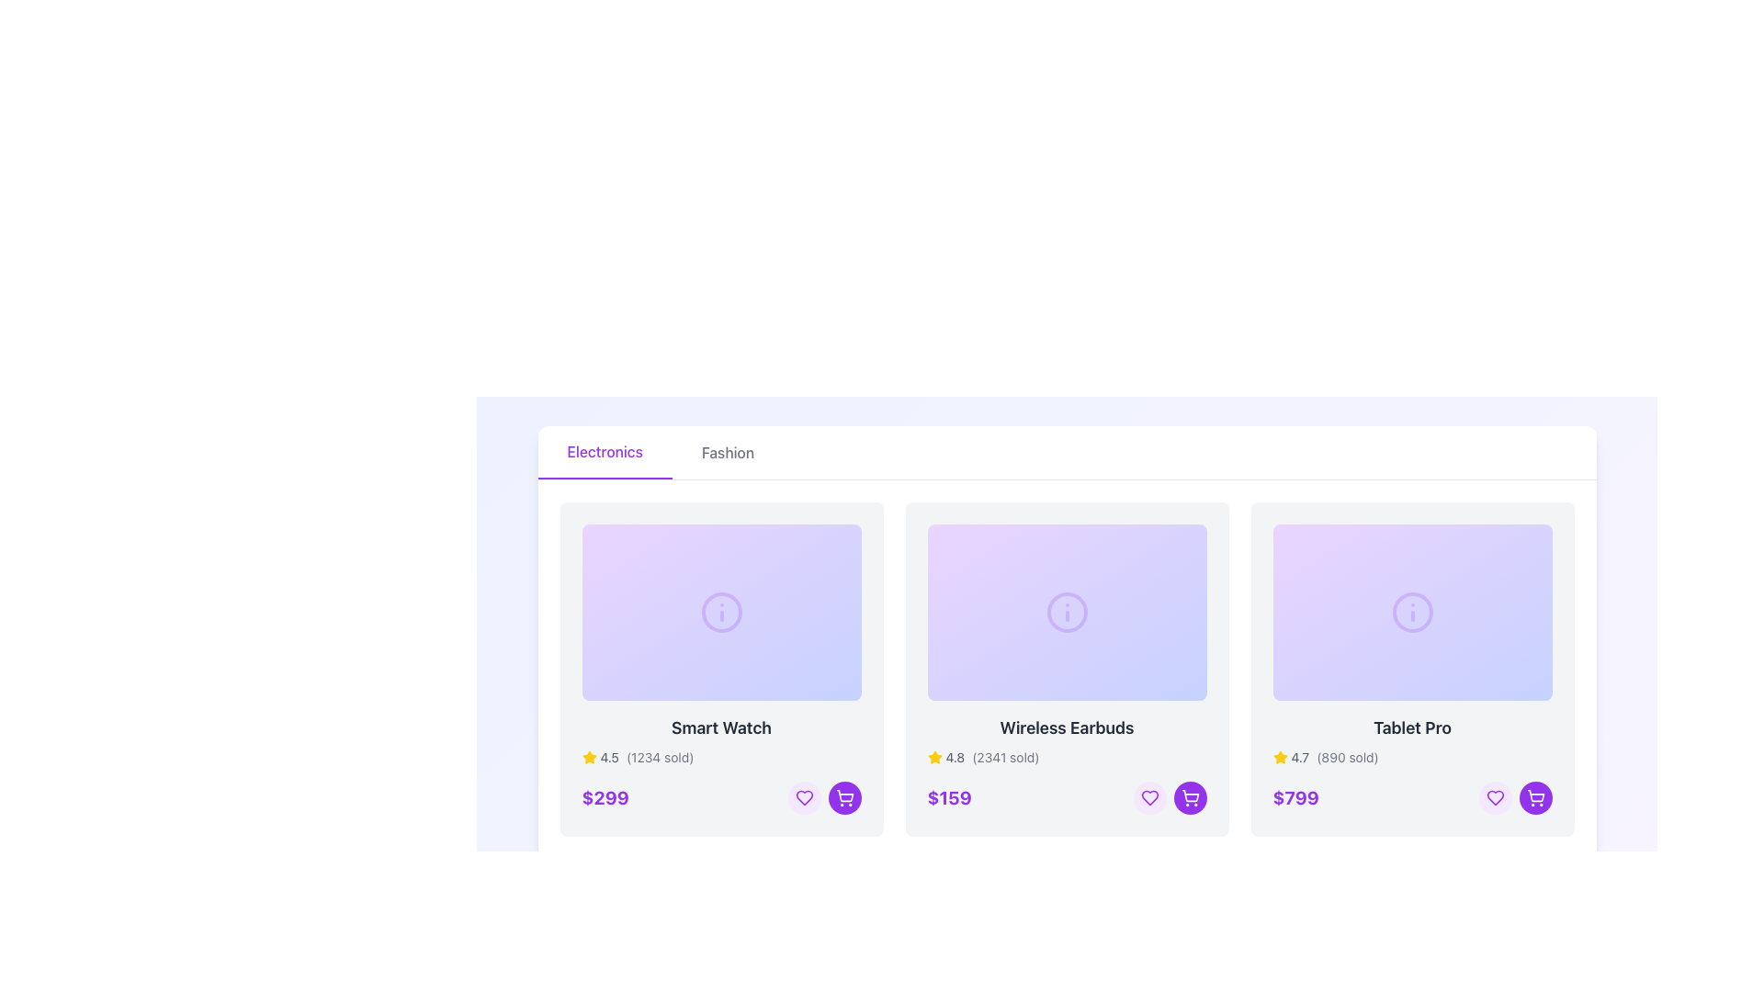 The height and width of the screenshot is (992, 1764). I want to click on the star icon representing the rating for the product located at the top-left corner of the second product card in the horizontal list, so click(934, 758).